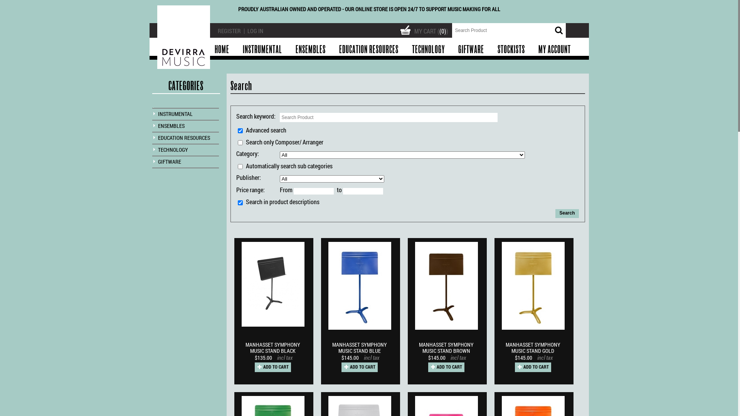 This screenshot has width=740, height=416. What do you see at coordinates (360, 349) in the screenshot?
I see `'MANHASSET SYMPHONY MUSIC STAND BLUE'` at bounding box center [360, 349].